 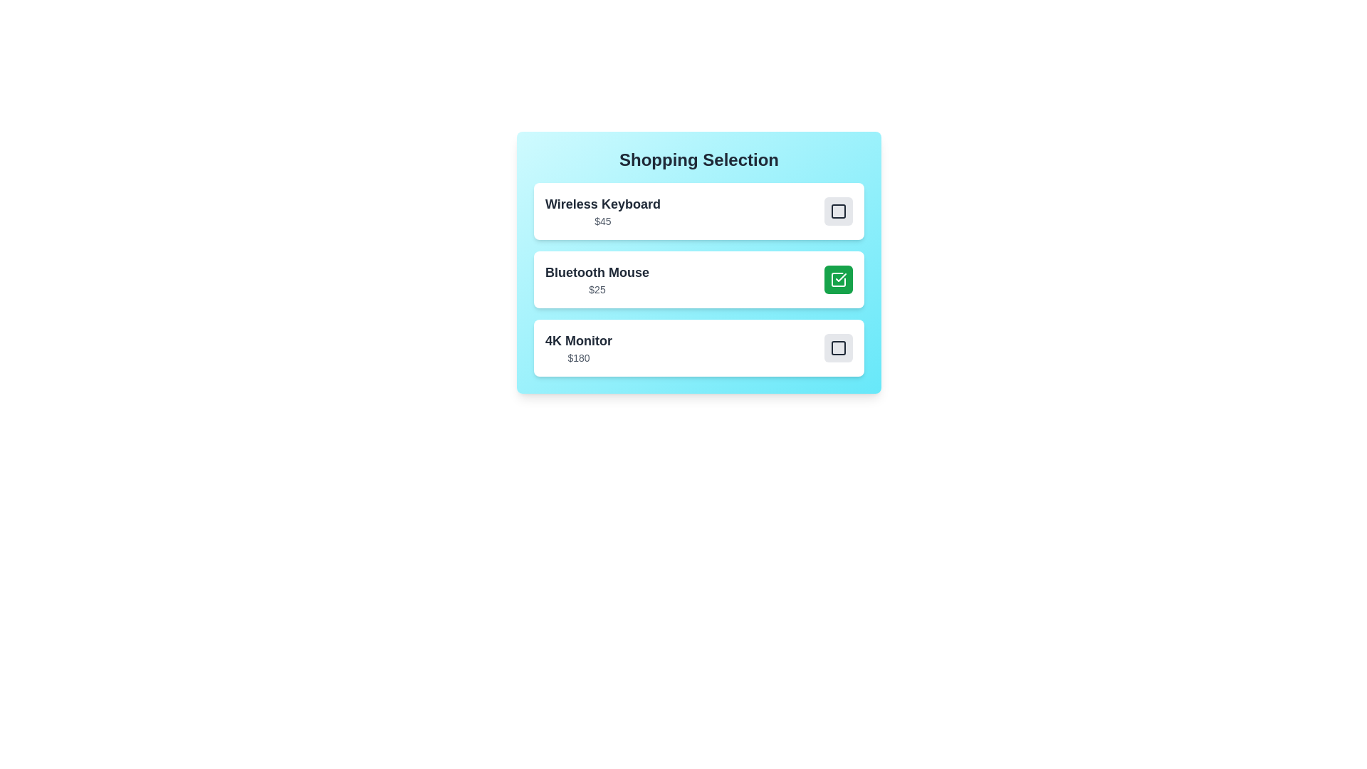 I want to click on the Checkmark icon within the SVG element representing a square with a tick, which is part of the Bluetooth Mouse row, so click(x=838, y=280).